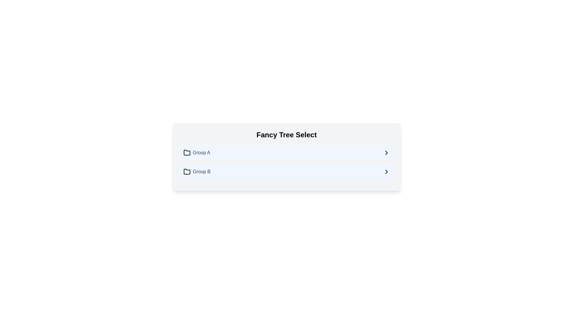 The height and width of the screenshot is (321, 570). What do you see at coordinates (386, 152) in the screenshot?
I see `the right-facing chevron arrow icon located at the far right of the 'Group A' list item` at bounding box center [386, 152].